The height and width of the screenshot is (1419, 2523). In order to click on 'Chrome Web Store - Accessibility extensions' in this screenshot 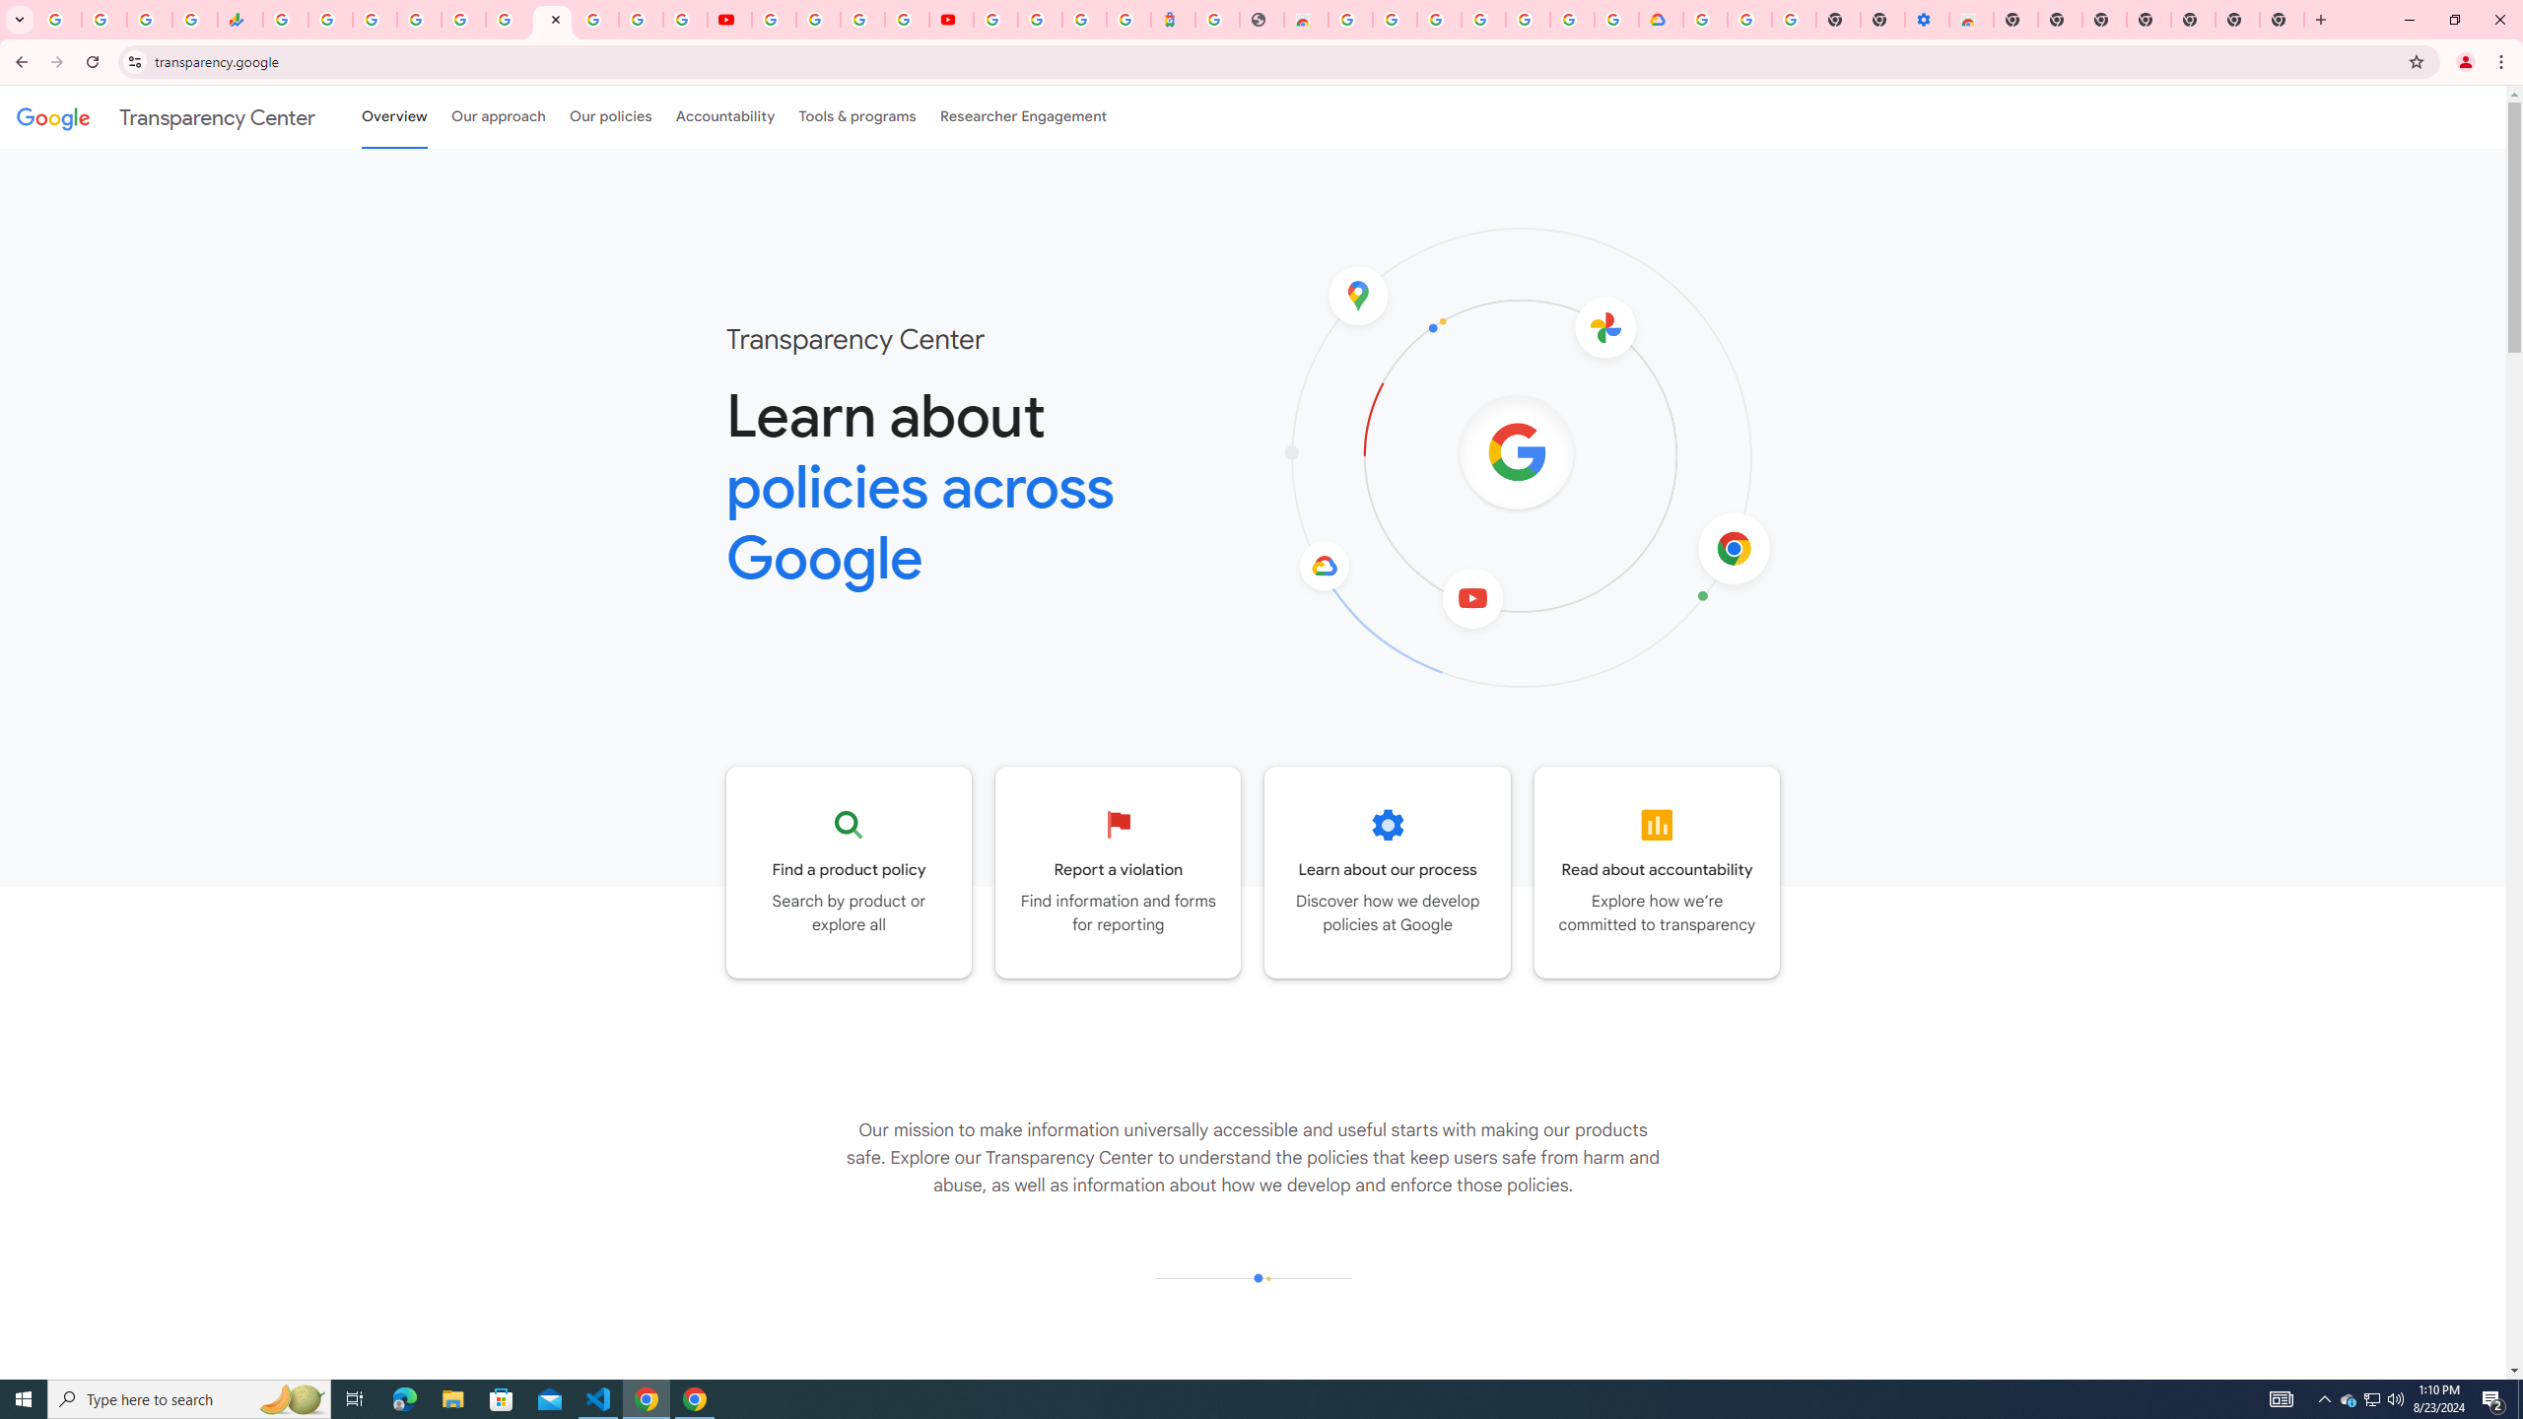, I will do `click(1971, 19)`.